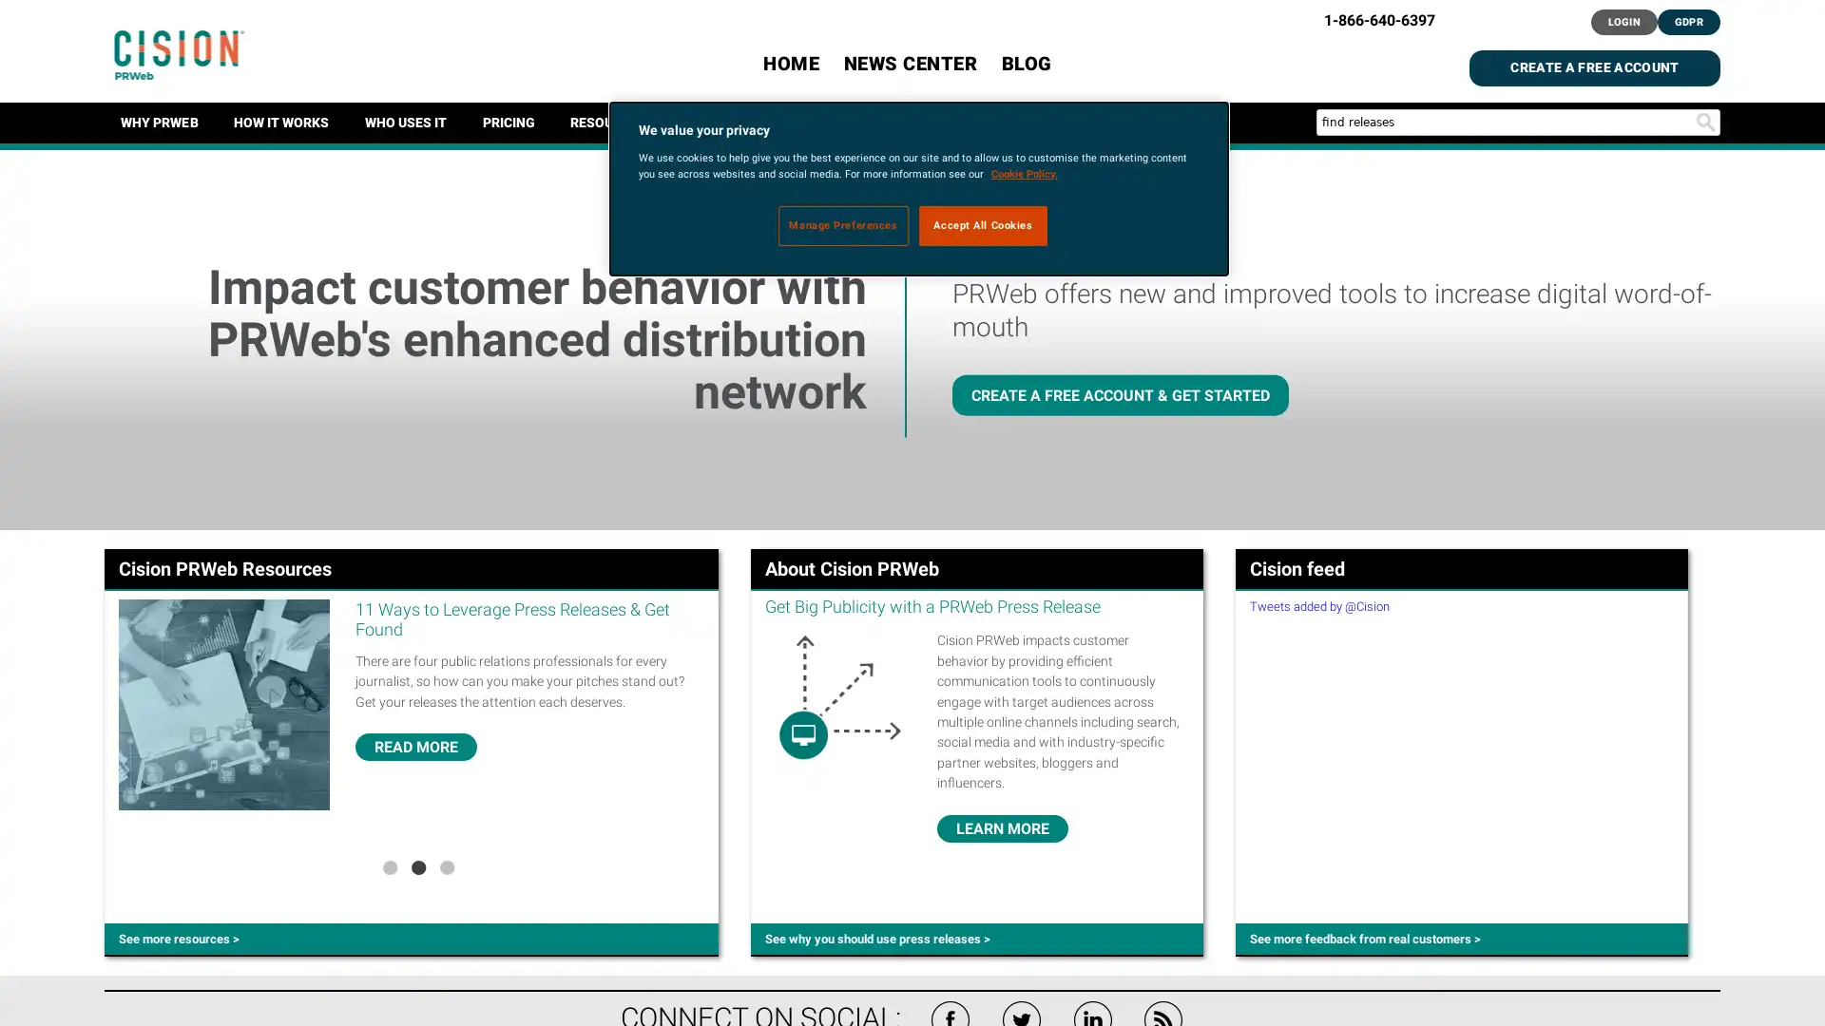 Image resolution: width=1825 pixels, height=1026 pixels. Describe the element at coordinates (842, 223) in the screenshot. I see `Manage Preferences` at that location.